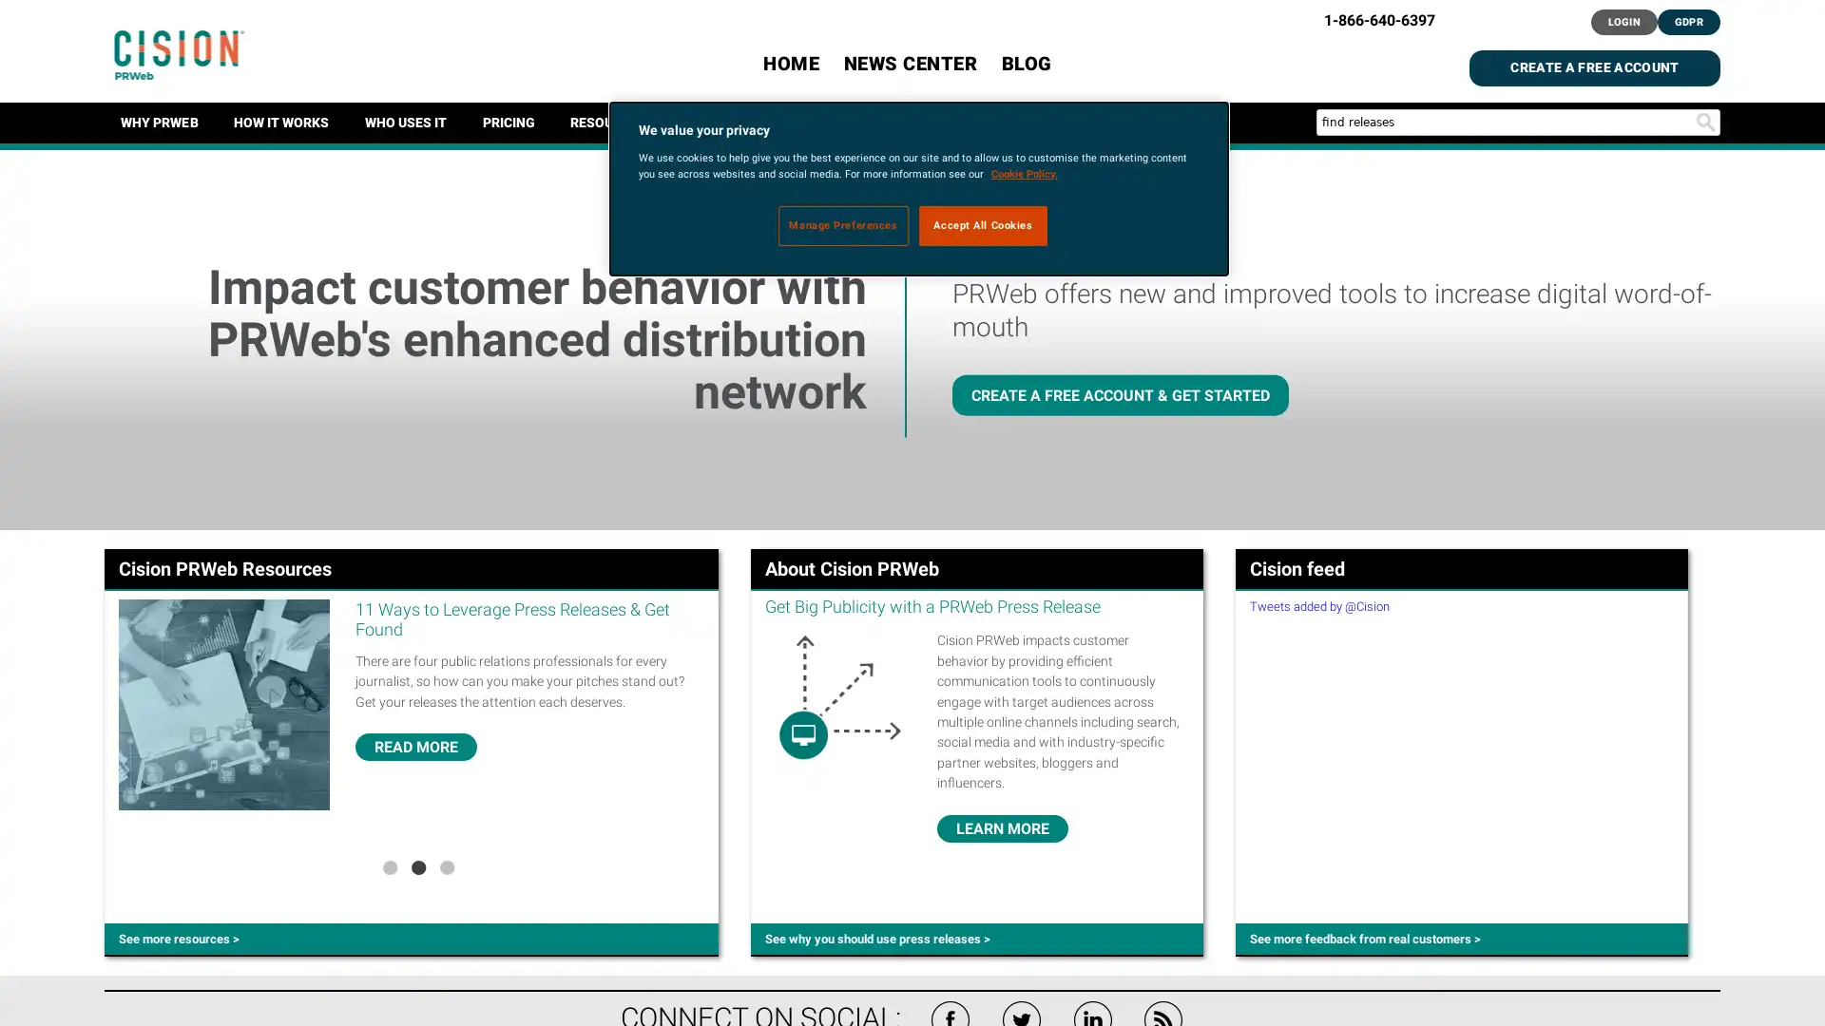 Image resolution: width=1825 pixels, height=1026 pixels. Describe the element at coordinates (842, 223) in the screenshot. I see `Manage Preferences` at that location.